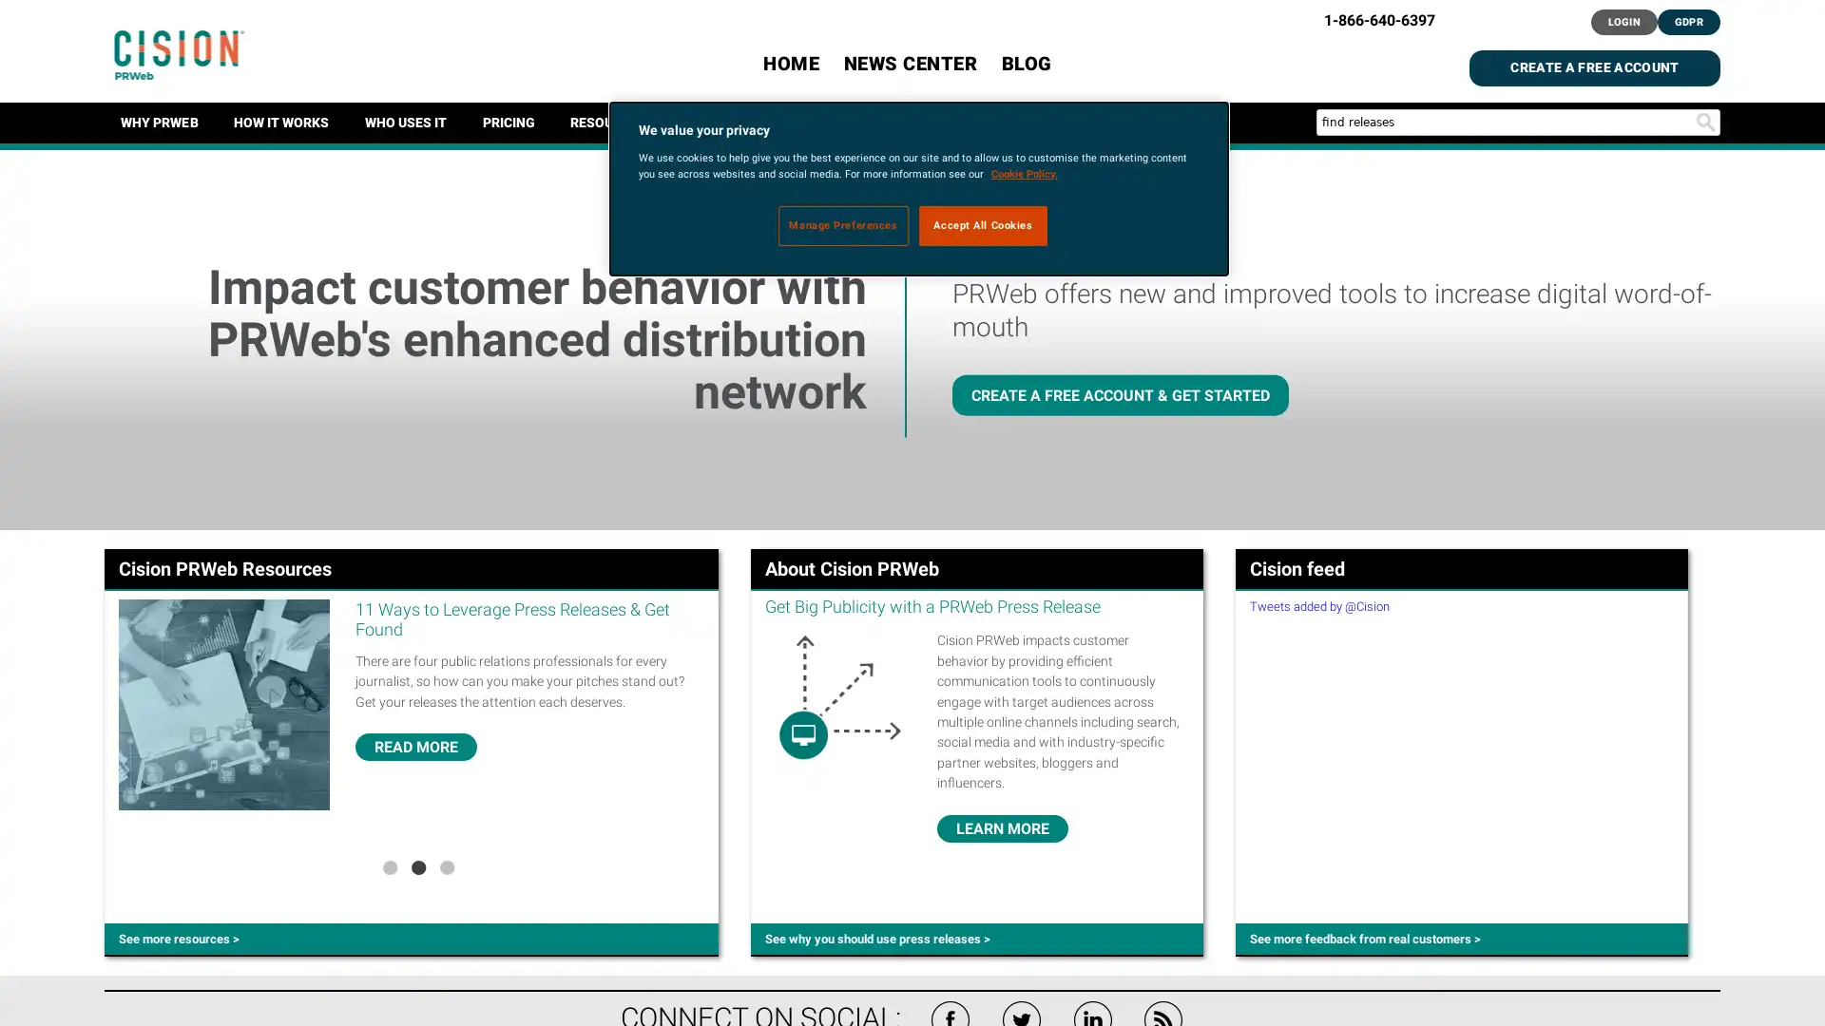 Image resolution: width=1825 pixels, height=1026 pixels. Describe the element at coordinates (842, 223) in the screenshot. I see `Manage Preferences` at that location.